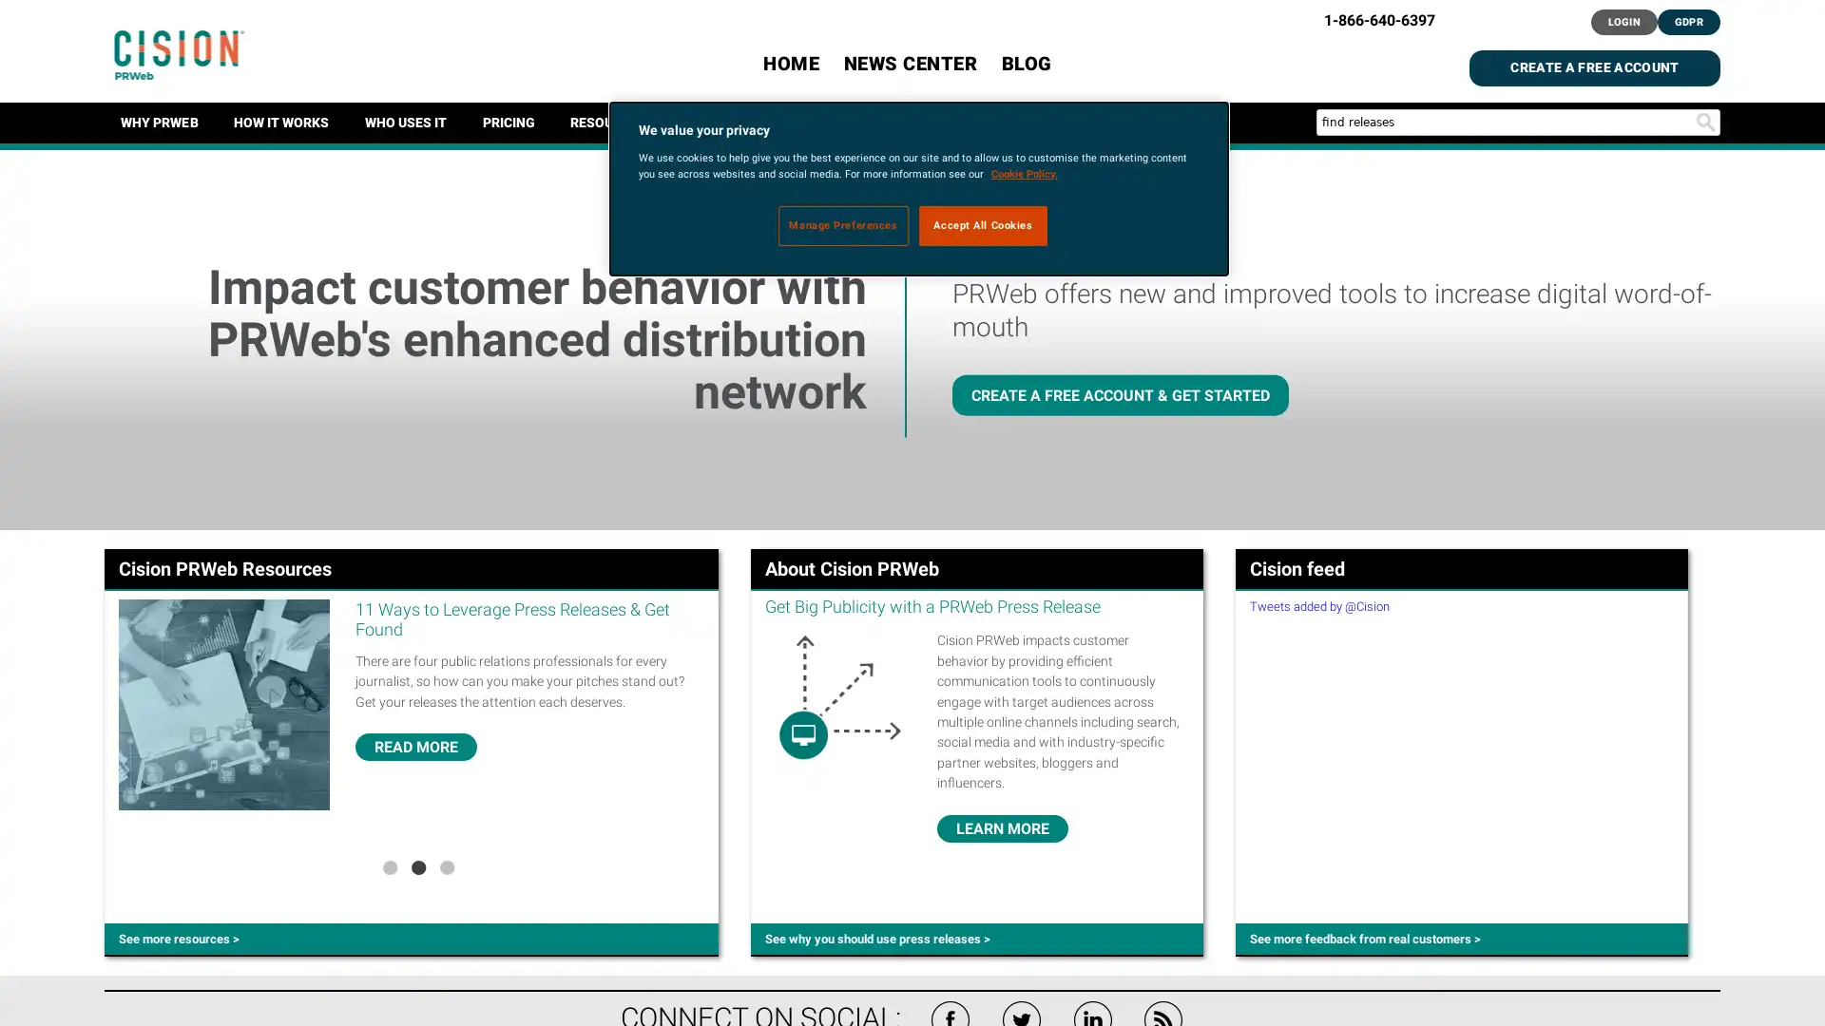 Image resolution: width=1825 pixels, height=1026 pixels. Describe the element at coordinates (842, 223) in the screenshot. I see `Manage Preferences` at that location.